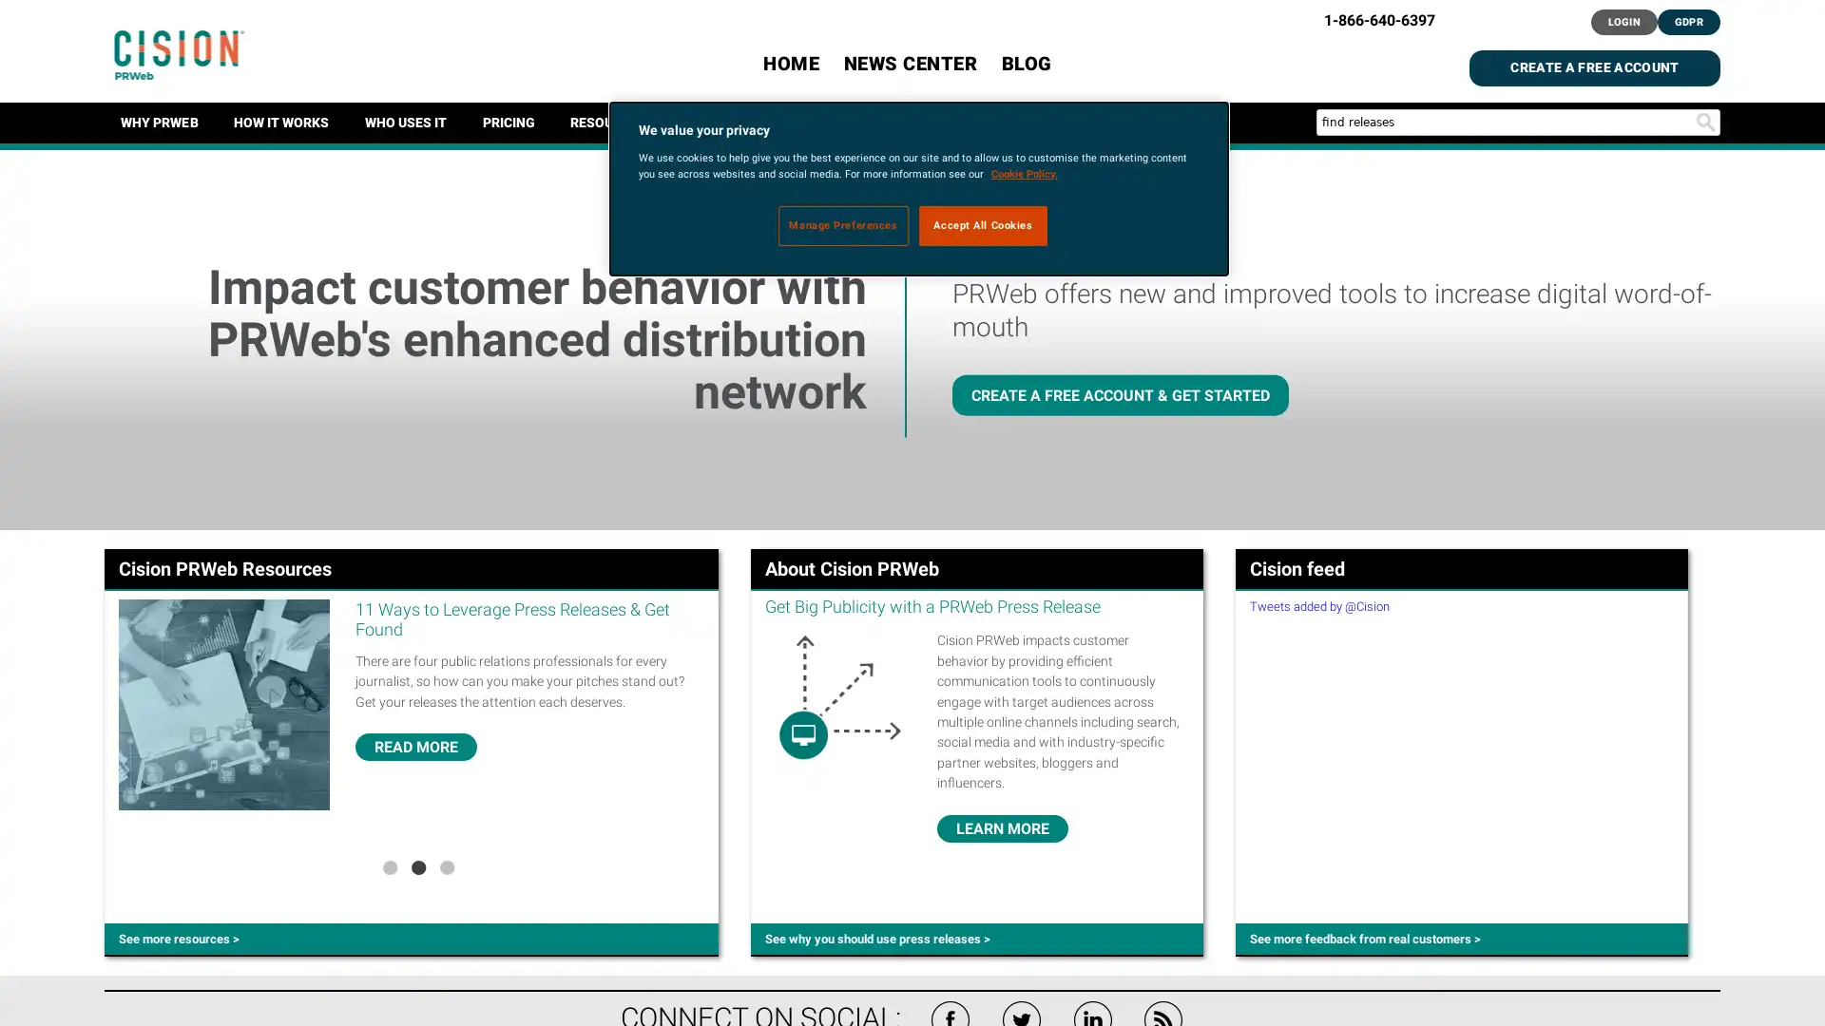 Image resolution: width=1825 pixels, height=1026 pixels. Describe the element at coordinates (842, 223) in the screenshot. I see `Manage Preferences` at that location.